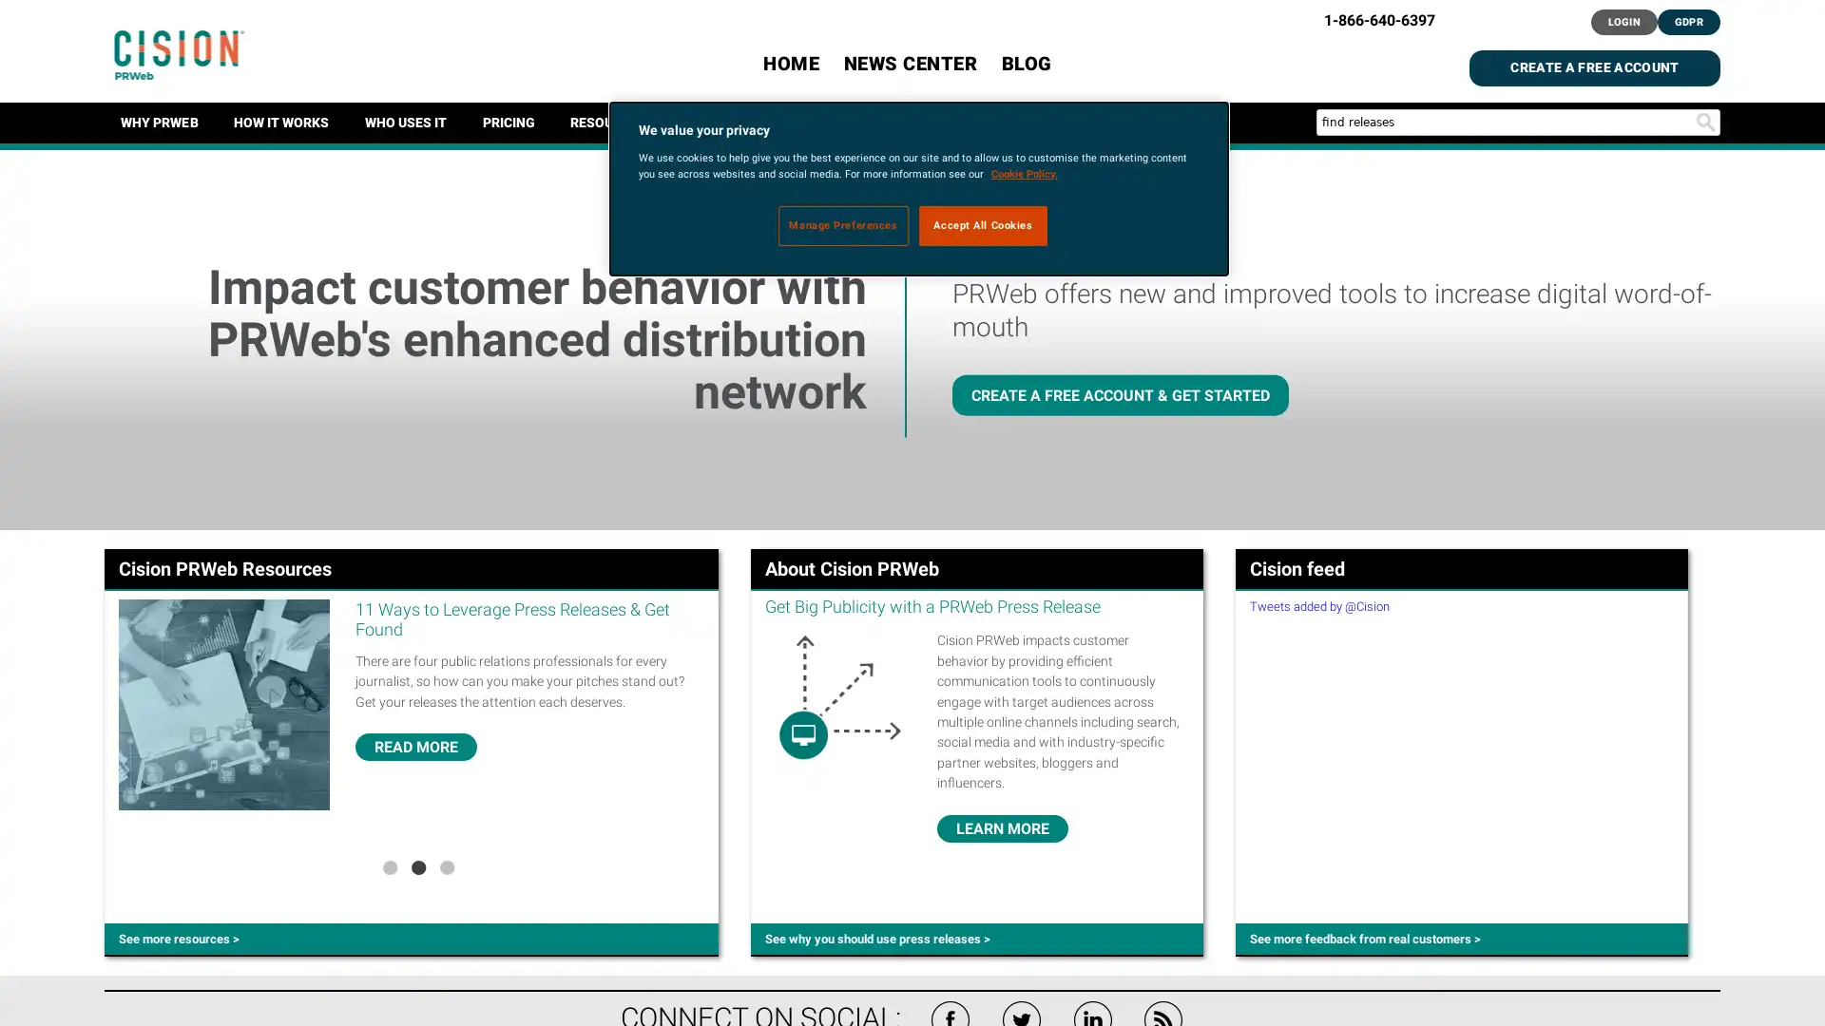 Image resolution: width=1825 pixels, height=1026 pixels. Describe the element at coordinates (842, 223) in the screenshot. I see `Manage Preferences` at that location.